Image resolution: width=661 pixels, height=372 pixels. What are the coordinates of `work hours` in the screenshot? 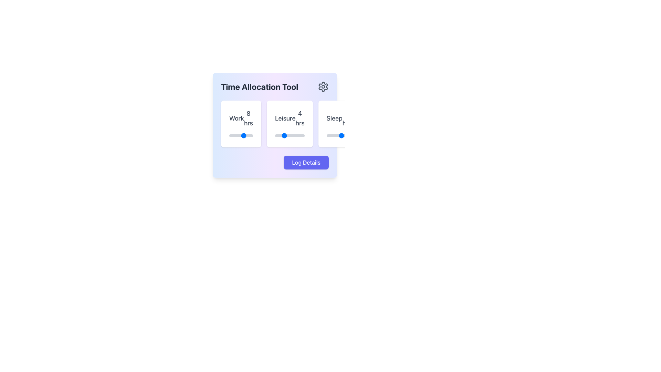 It's located at (235, 135).